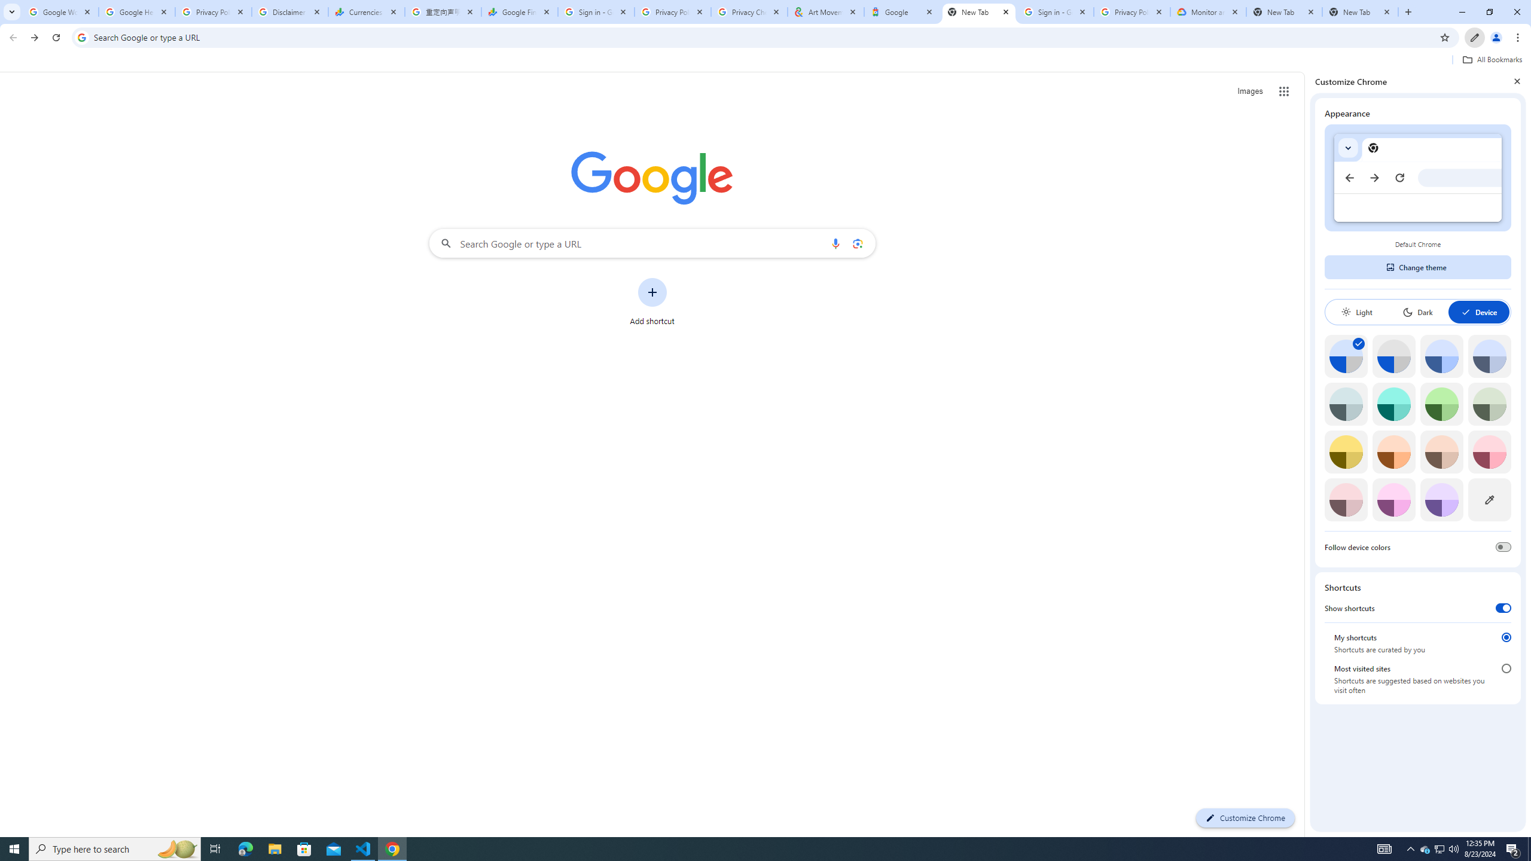 This screenshot has height=861, width=1531. Describe the element at coordinates (749, 11) in the screenshot. I see `'Privacy Checkup'` at that location.